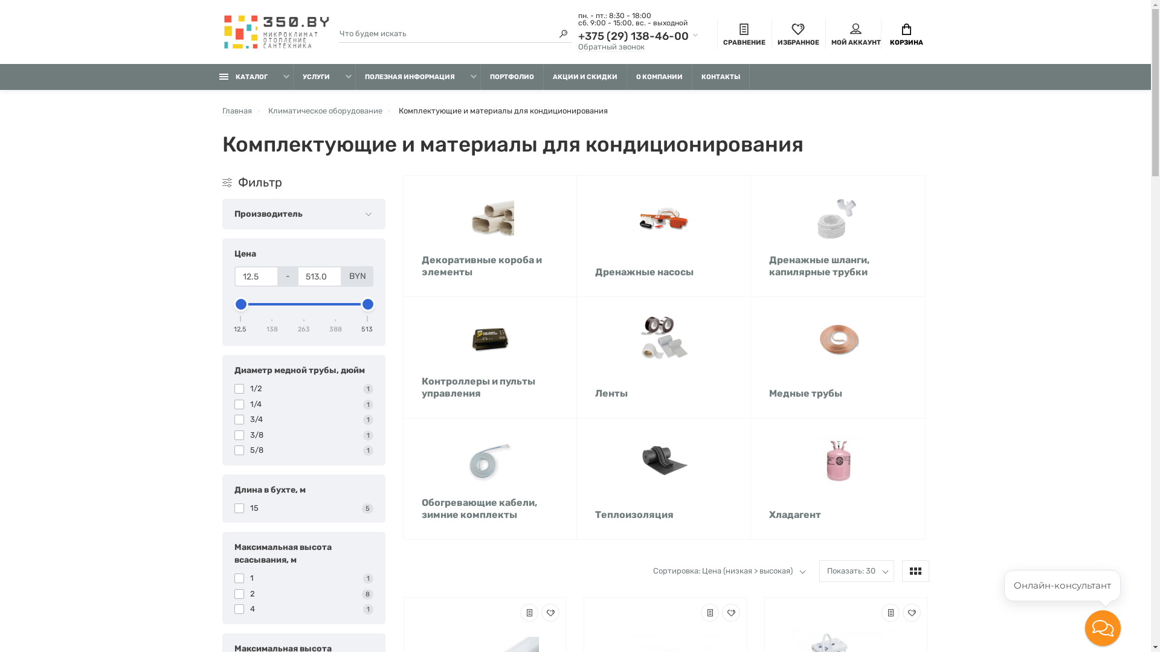 The width and height of the screenshot is (1160, 652). I want to click on '3/8, so click(304, 435).